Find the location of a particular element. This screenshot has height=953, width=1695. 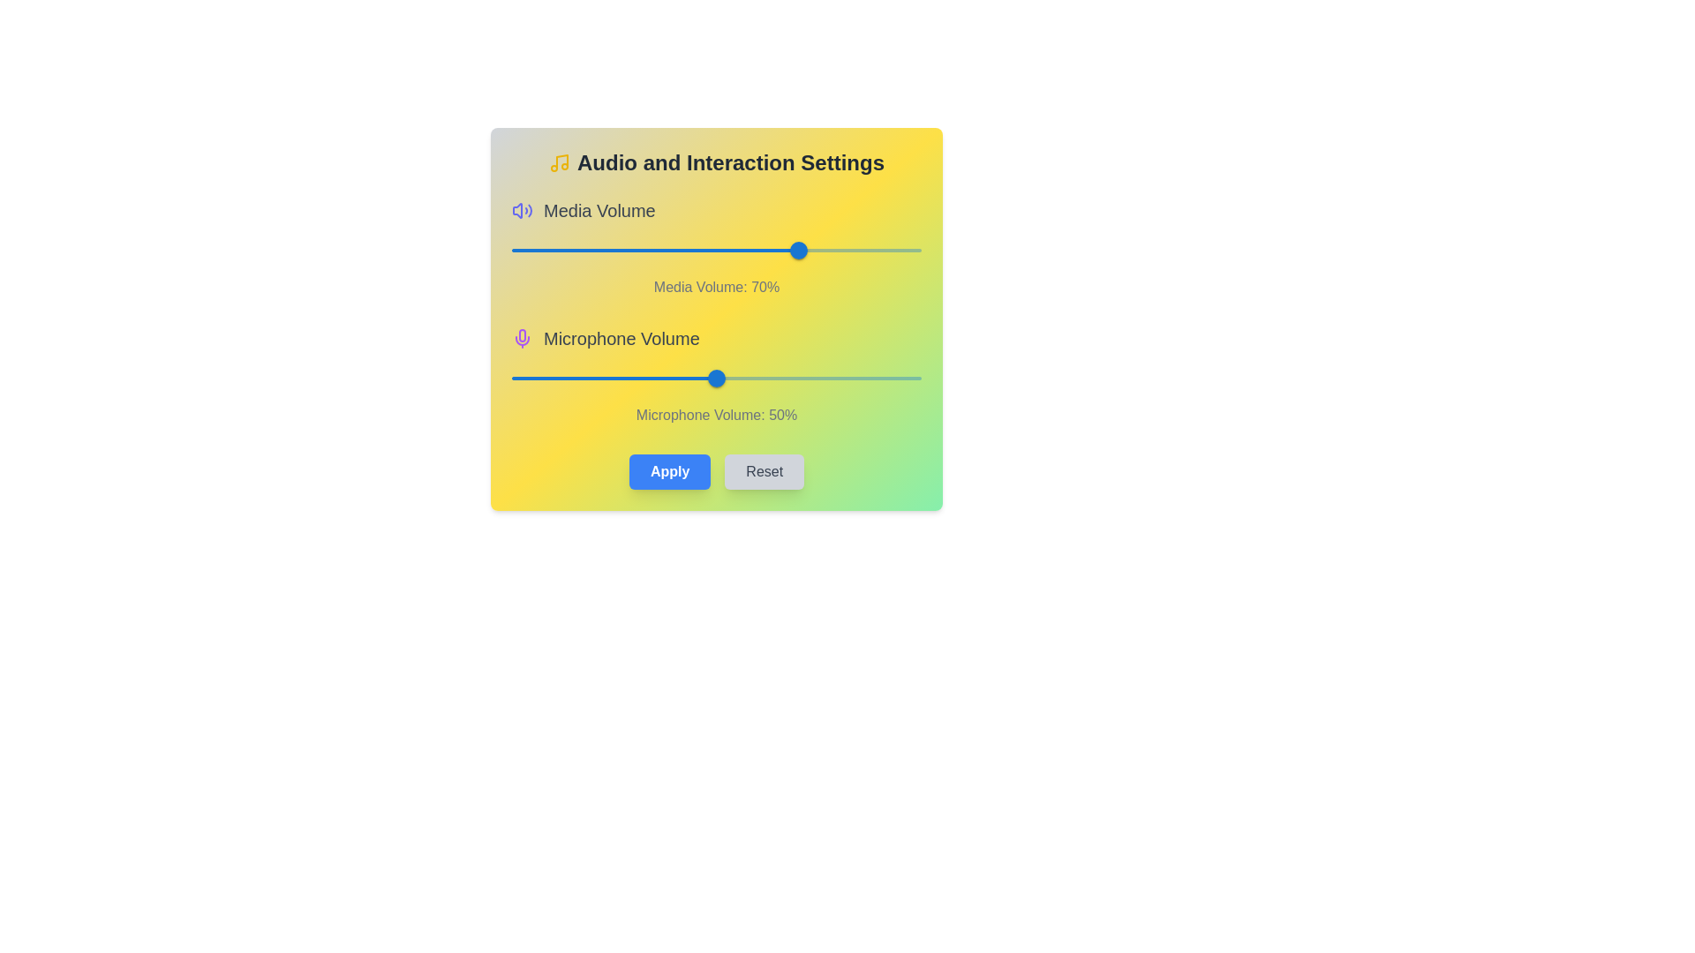

the slider value is located at coordinates (737, 251).